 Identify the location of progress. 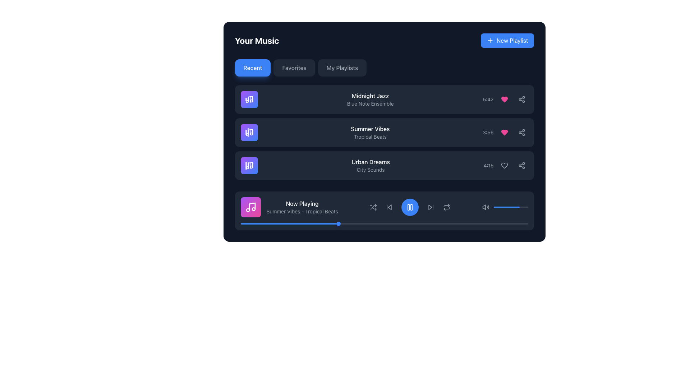
(447, 223).